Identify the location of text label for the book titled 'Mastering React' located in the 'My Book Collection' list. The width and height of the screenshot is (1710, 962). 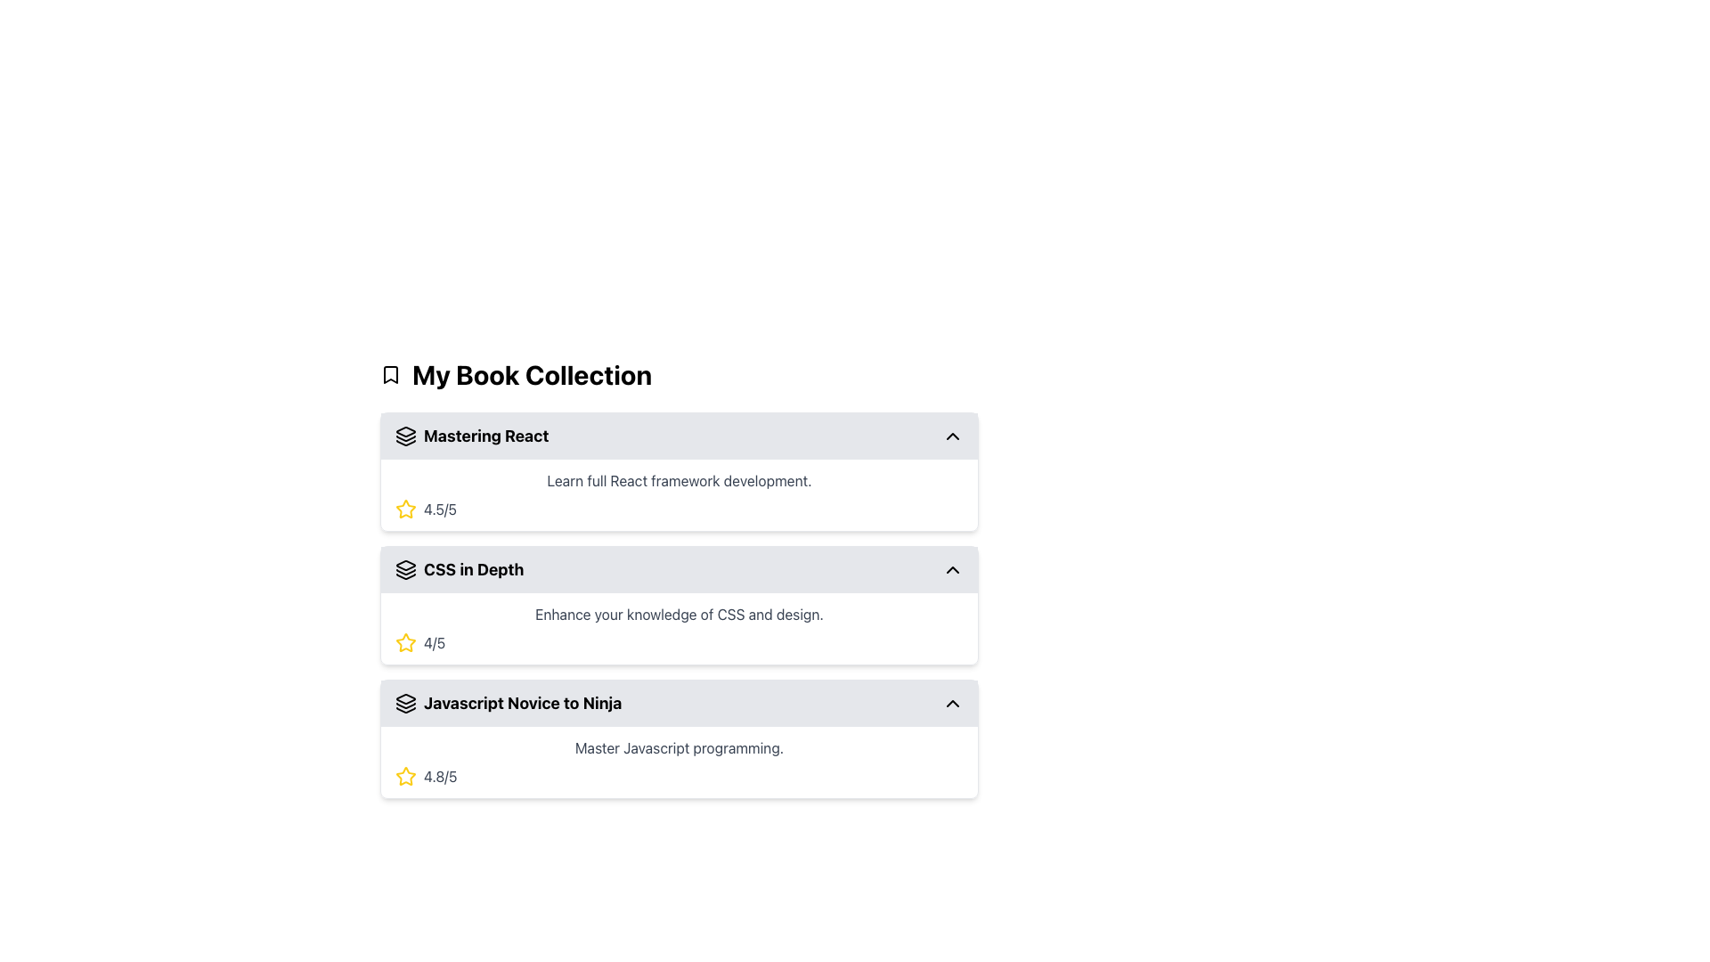
(486, 436).